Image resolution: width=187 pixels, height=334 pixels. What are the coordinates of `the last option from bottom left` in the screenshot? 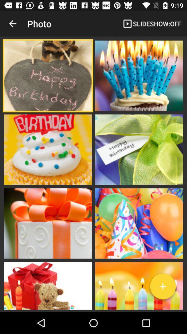 It's located at (47, 285).